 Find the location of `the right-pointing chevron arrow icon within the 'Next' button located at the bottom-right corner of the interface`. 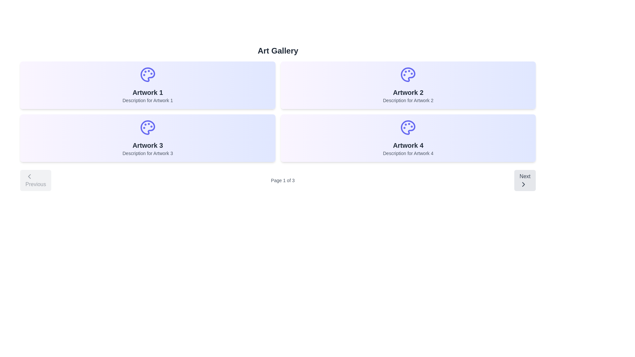

the right-pointing chevron arrow icon within the 'Next' button located at the bottom-right corner of the interface is located at coordinates (523, 184).